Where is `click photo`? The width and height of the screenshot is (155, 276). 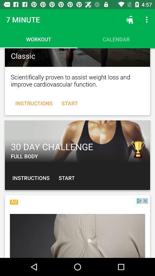
click photo is located at coordinates (77, 57).